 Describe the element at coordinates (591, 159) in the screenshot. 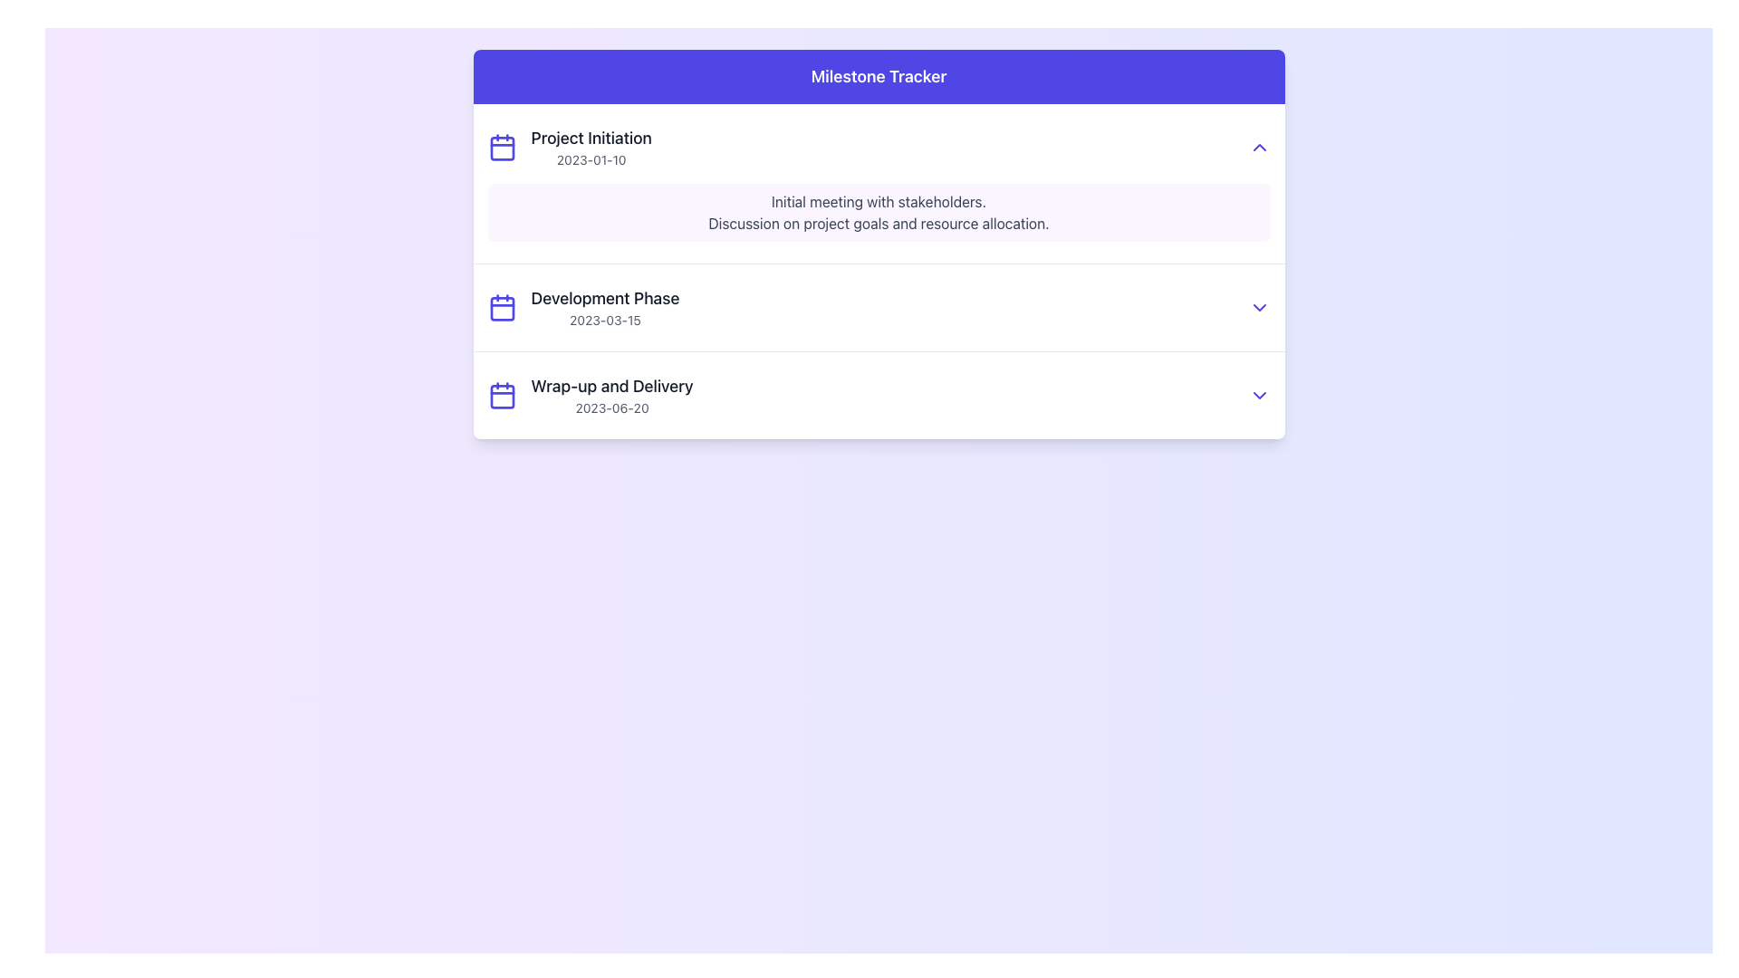

I see `the text label displaying the date '2023-01-10', which is located below the 'Project Initiation' label in the milestone tracker` at that location.